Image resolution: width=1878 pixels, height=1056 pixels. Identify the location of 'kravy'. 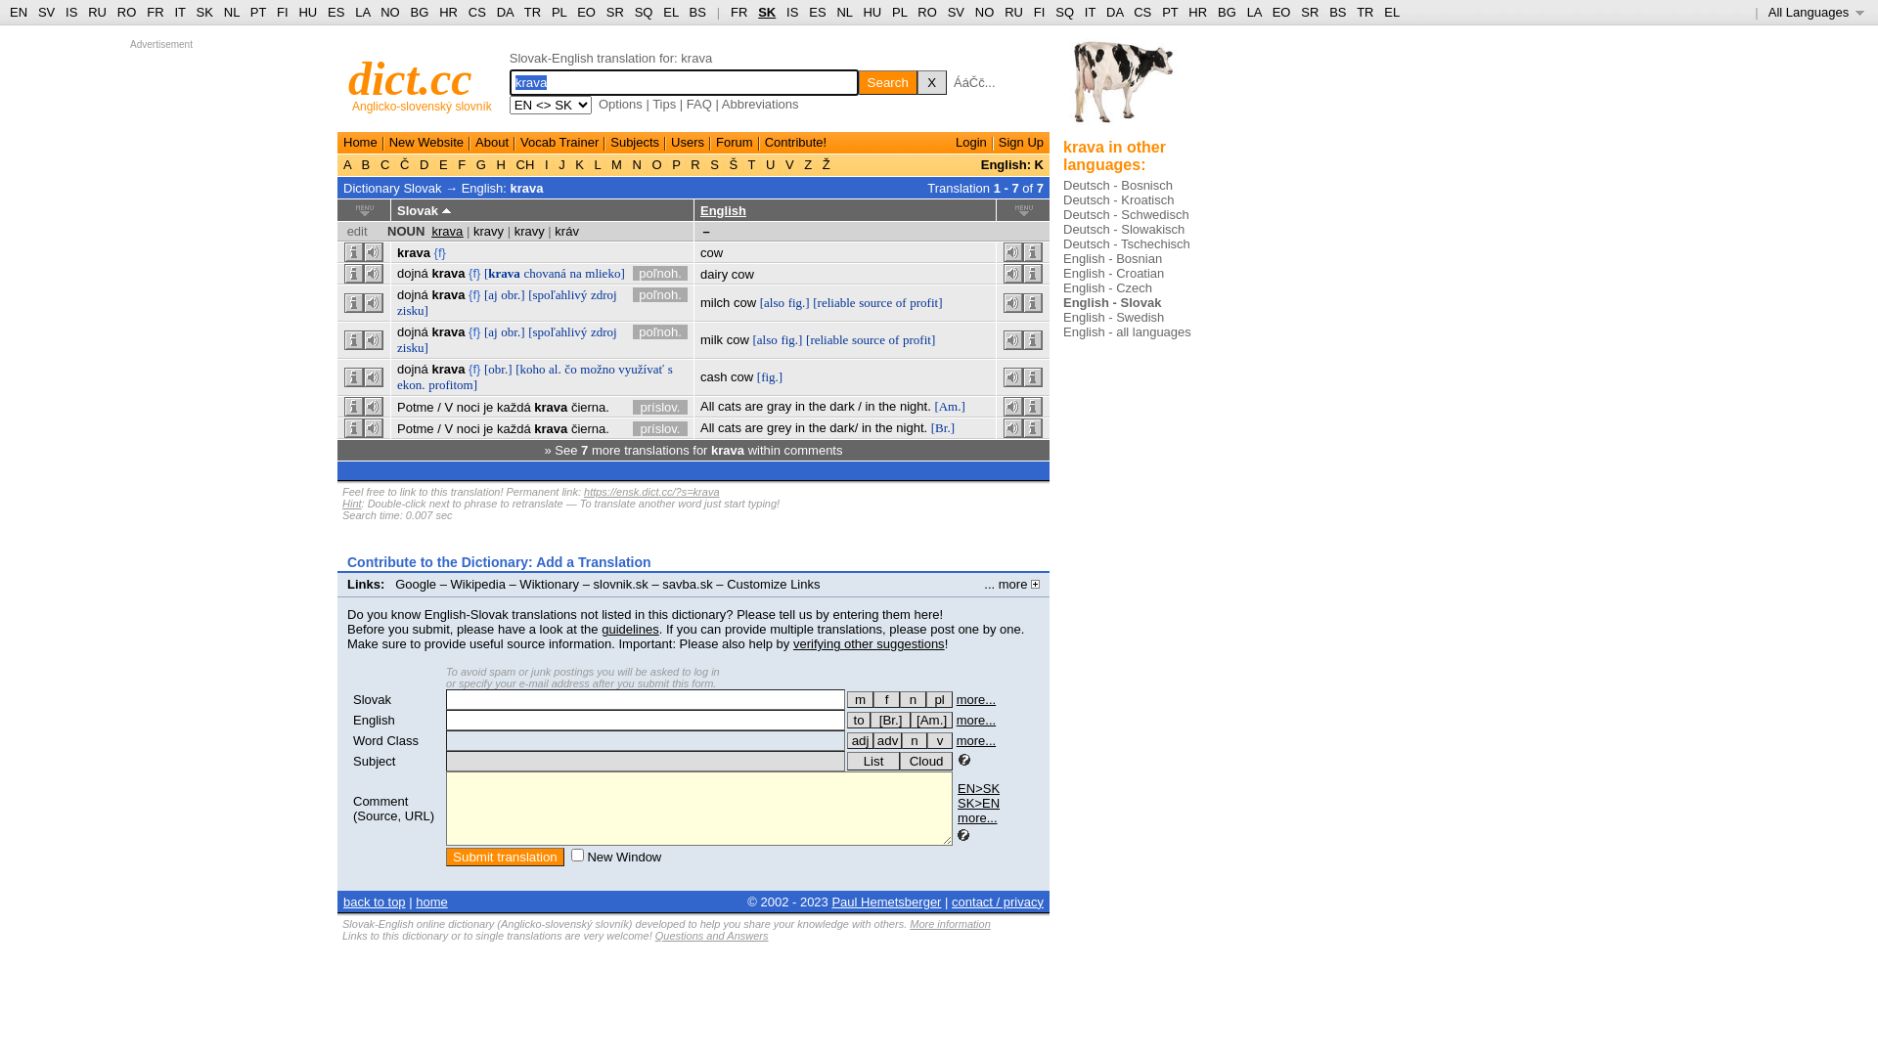
(488, 230).